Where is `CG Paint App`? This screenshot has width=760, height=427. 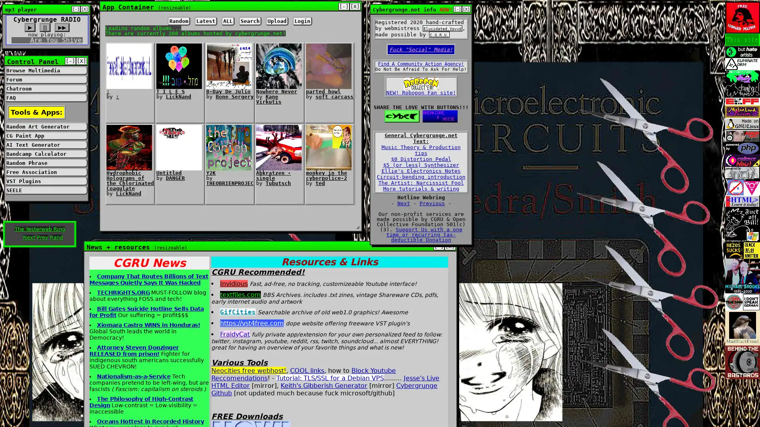
CG Paint App is located at coordinates (46, 135).